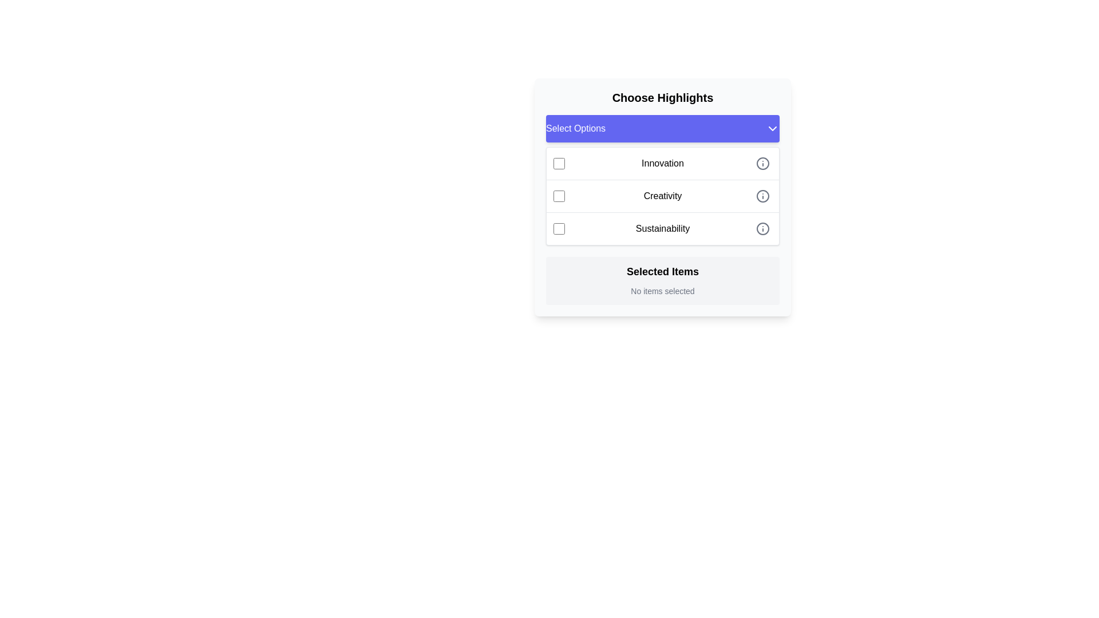 The width and height of the screenshot is (1099, 618). What do you see at coordinates (763, 163) in the screenshot?
I see `the SVG circle graphic that accompanies the 'Innovation' option, located to the right of the 'Innovation' text in the second row under the 'Choose Highlights' section` at bounding box center [763, 163].